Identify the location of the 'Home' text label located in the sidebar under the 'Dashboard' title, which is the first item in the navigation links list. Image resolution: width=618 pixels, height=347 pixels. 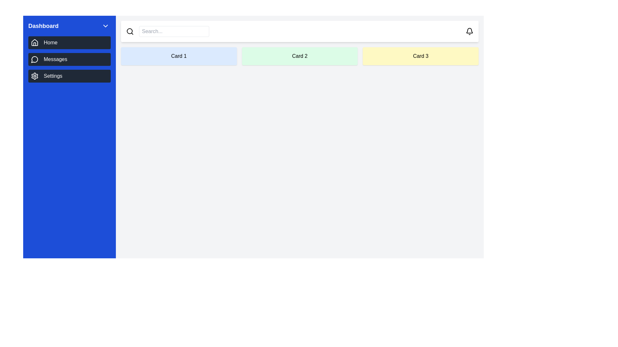
(50, 42).